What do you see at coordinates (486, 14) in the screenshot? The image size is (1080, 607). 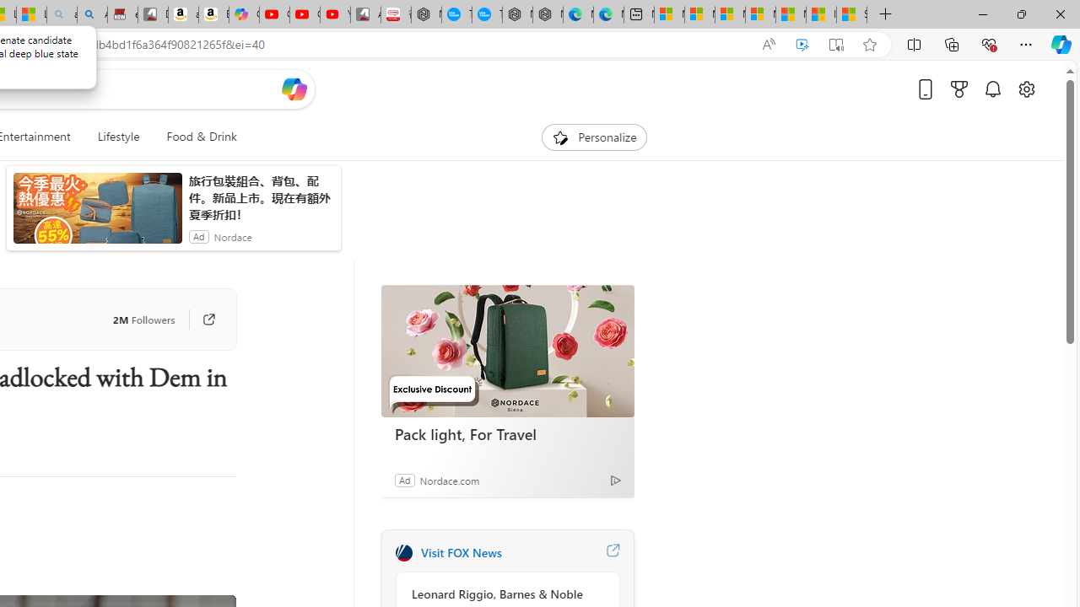 I see `'The most popular Google '` at bounding box center [486, 14].